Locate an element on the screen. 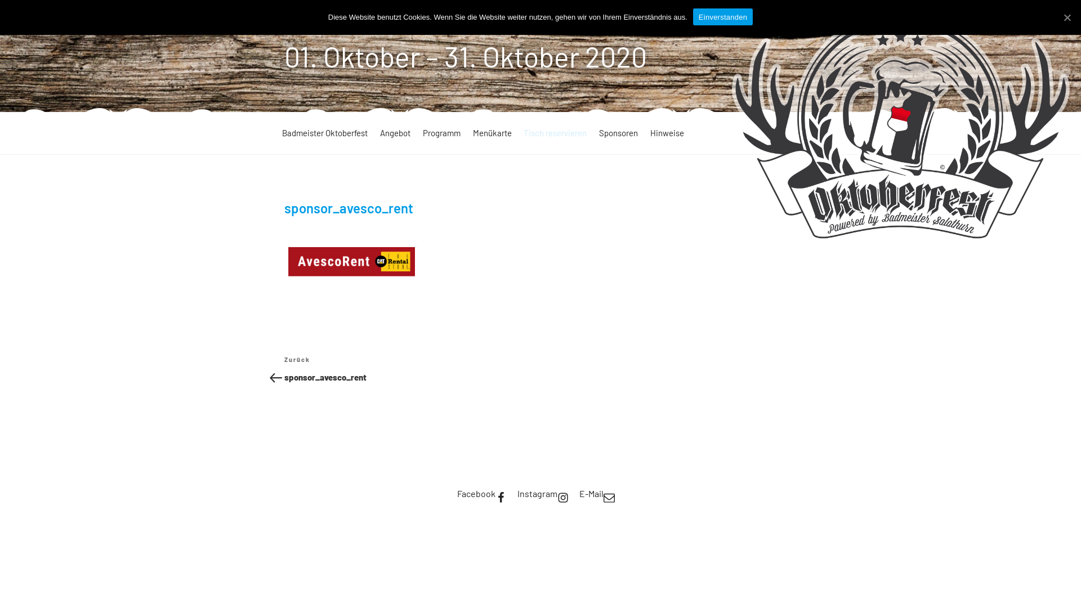 This screenshot has height=608, width=1081. 'Zum Inhalt springen' is located at coordinates (0, 0).